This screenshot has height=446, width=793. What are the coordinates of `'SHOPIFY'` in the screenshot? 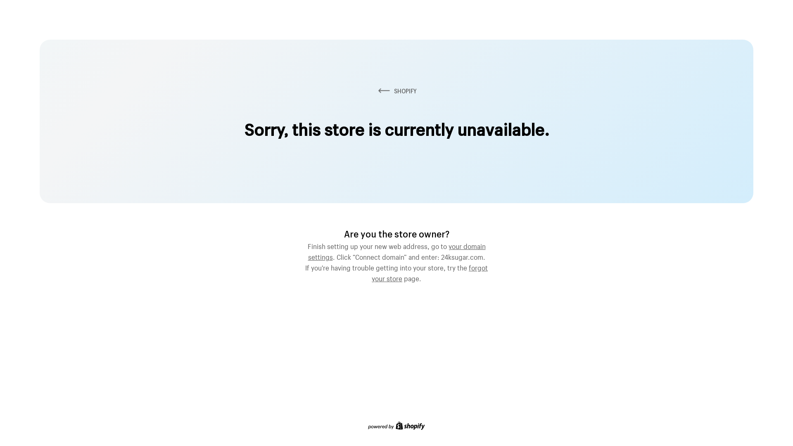 It's located at (396, 91).